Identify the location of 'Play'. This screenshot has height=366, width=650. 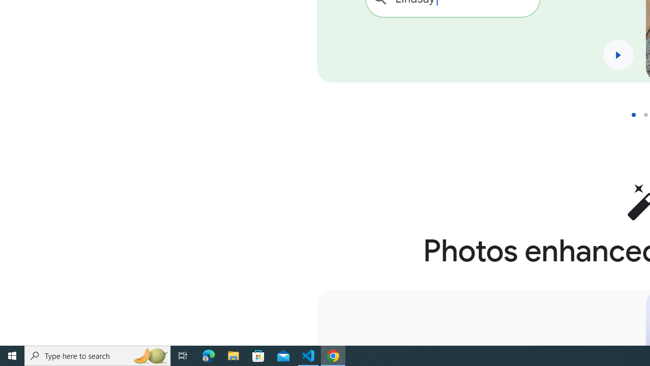
(617, 55).